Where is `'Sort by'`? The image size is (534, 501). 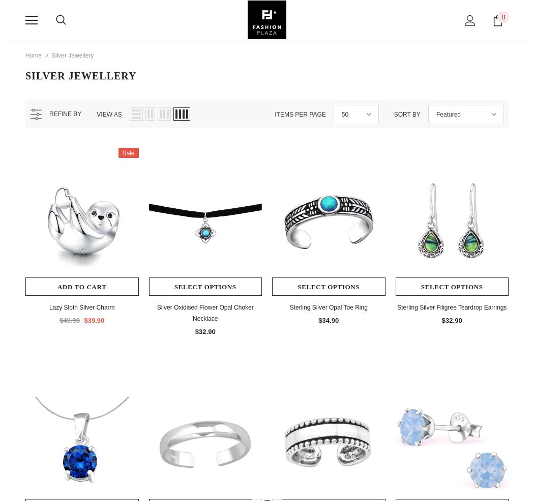
'Sort by' is located at coordinates (406, 115).